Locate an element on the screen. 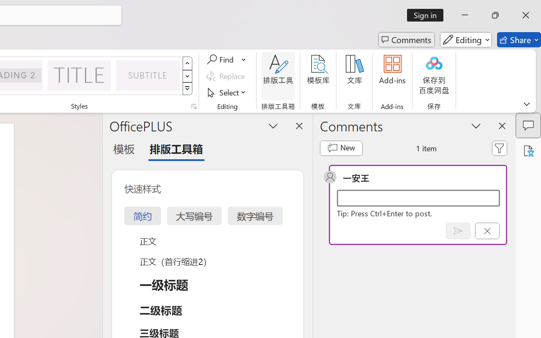 This screenshot has height=338, width=541. 'Cancel' is located at coordinates (487, 231).